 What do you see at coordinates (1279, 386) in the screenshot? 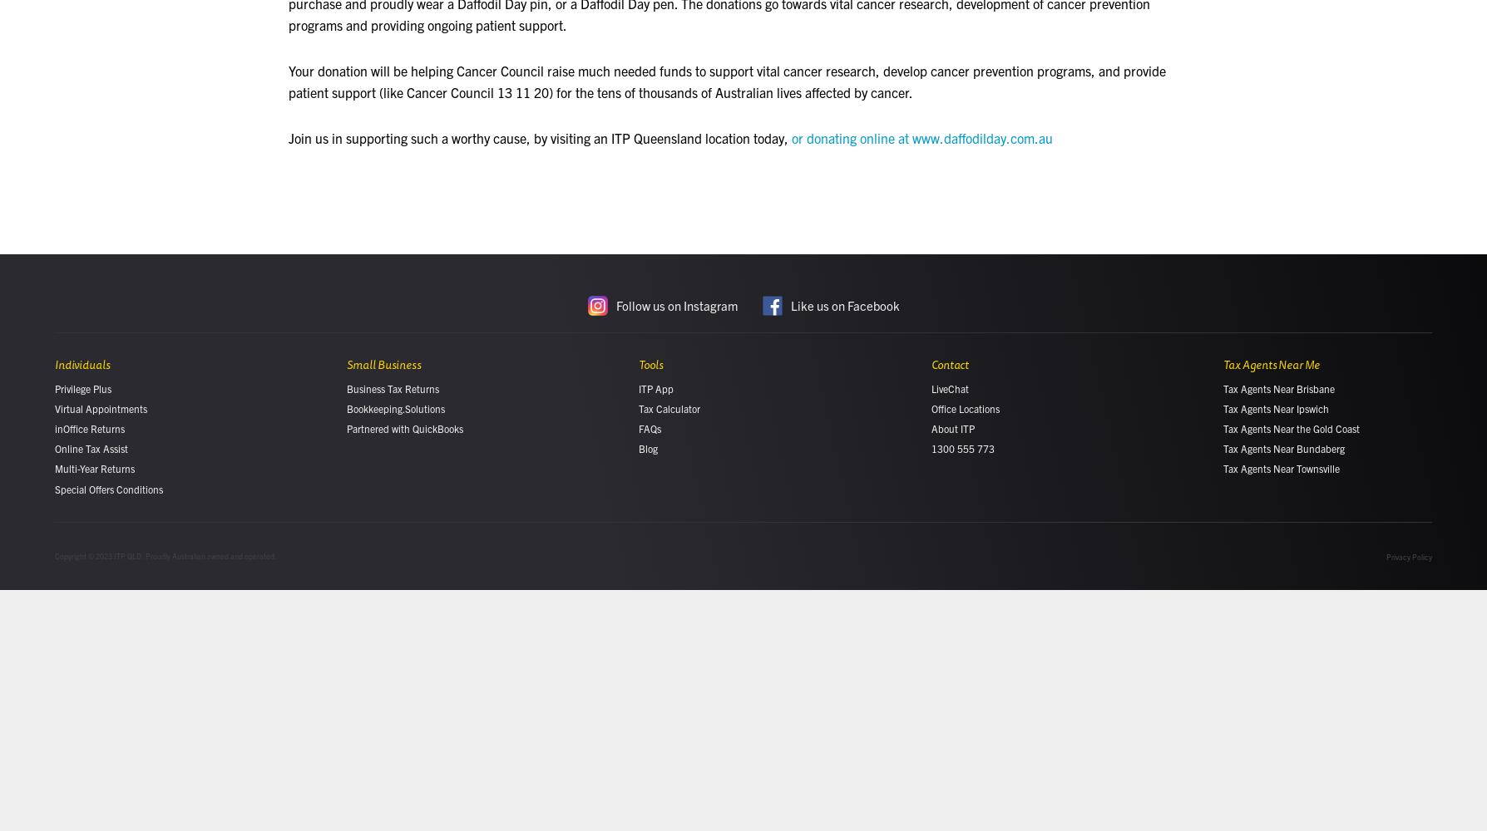
I see `'Tax Agents Near Brisbane'` at bounding box center [1279, 386].